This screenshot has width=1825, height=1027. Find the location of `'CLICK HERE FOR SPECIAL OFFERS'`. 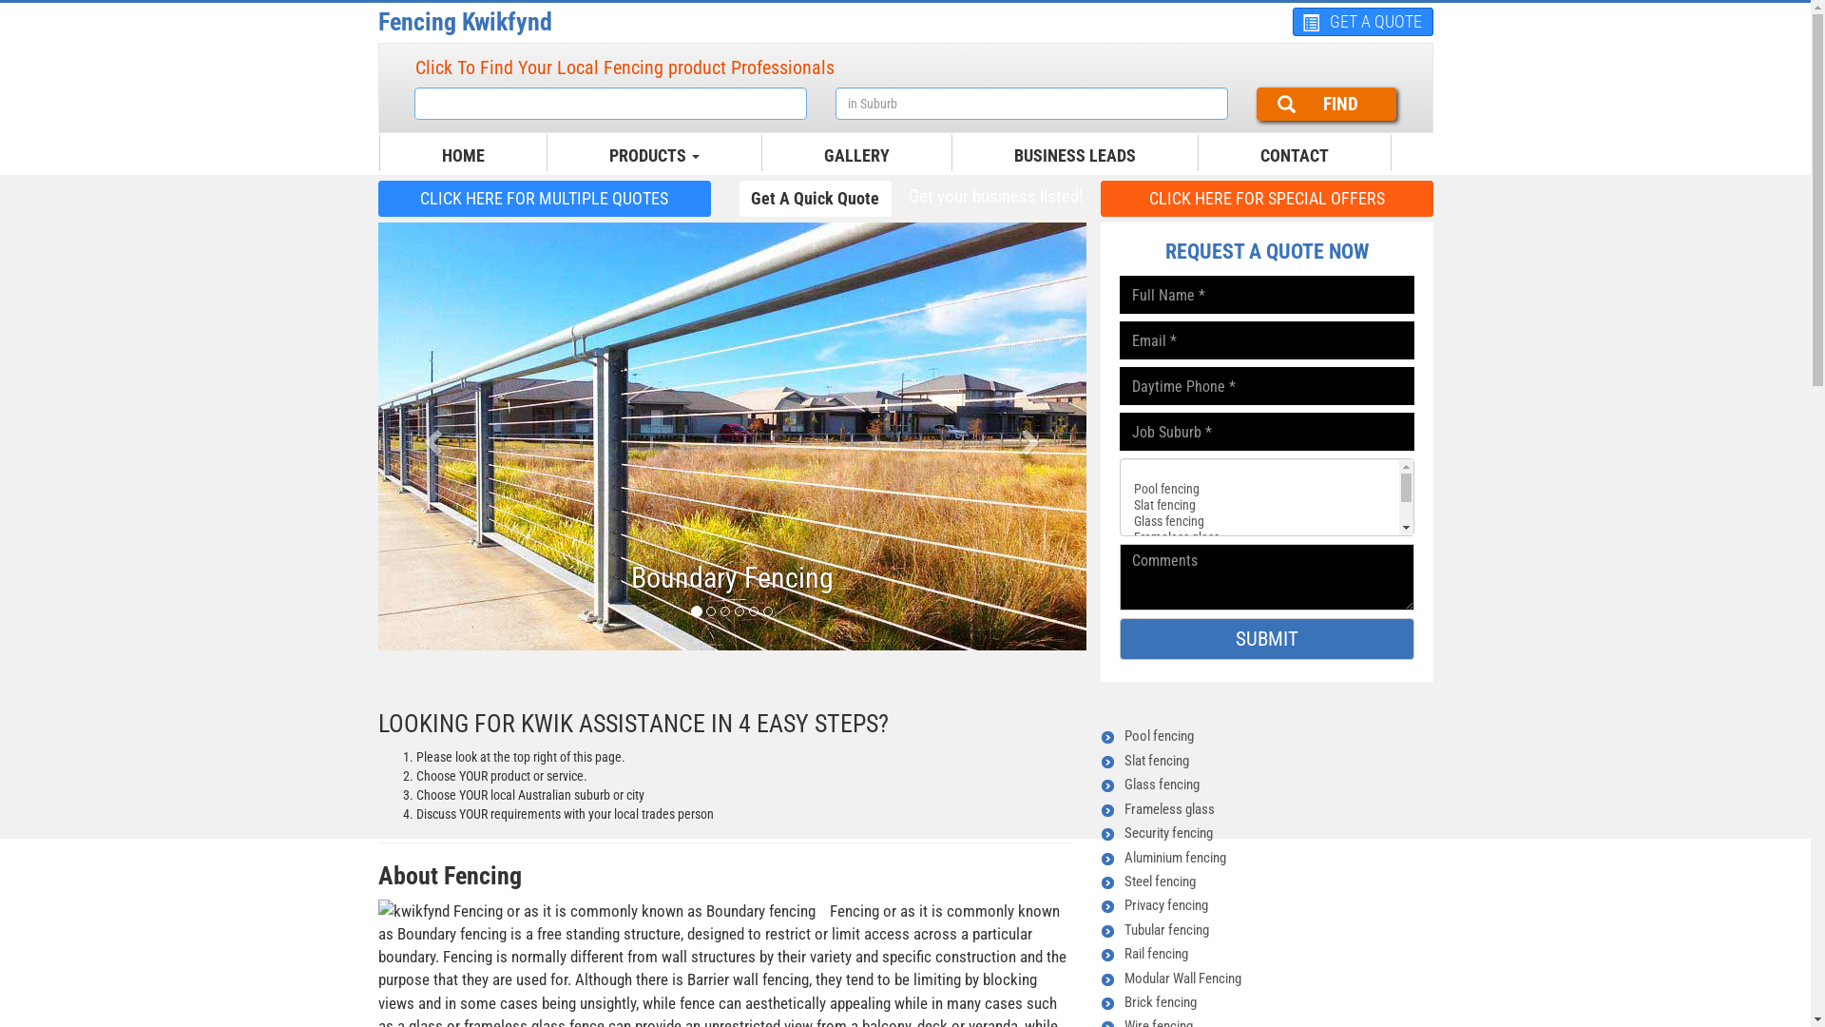

'CLICK HERE FOR SPECIAL OFFERS' is located at coordinates (1267, 198).